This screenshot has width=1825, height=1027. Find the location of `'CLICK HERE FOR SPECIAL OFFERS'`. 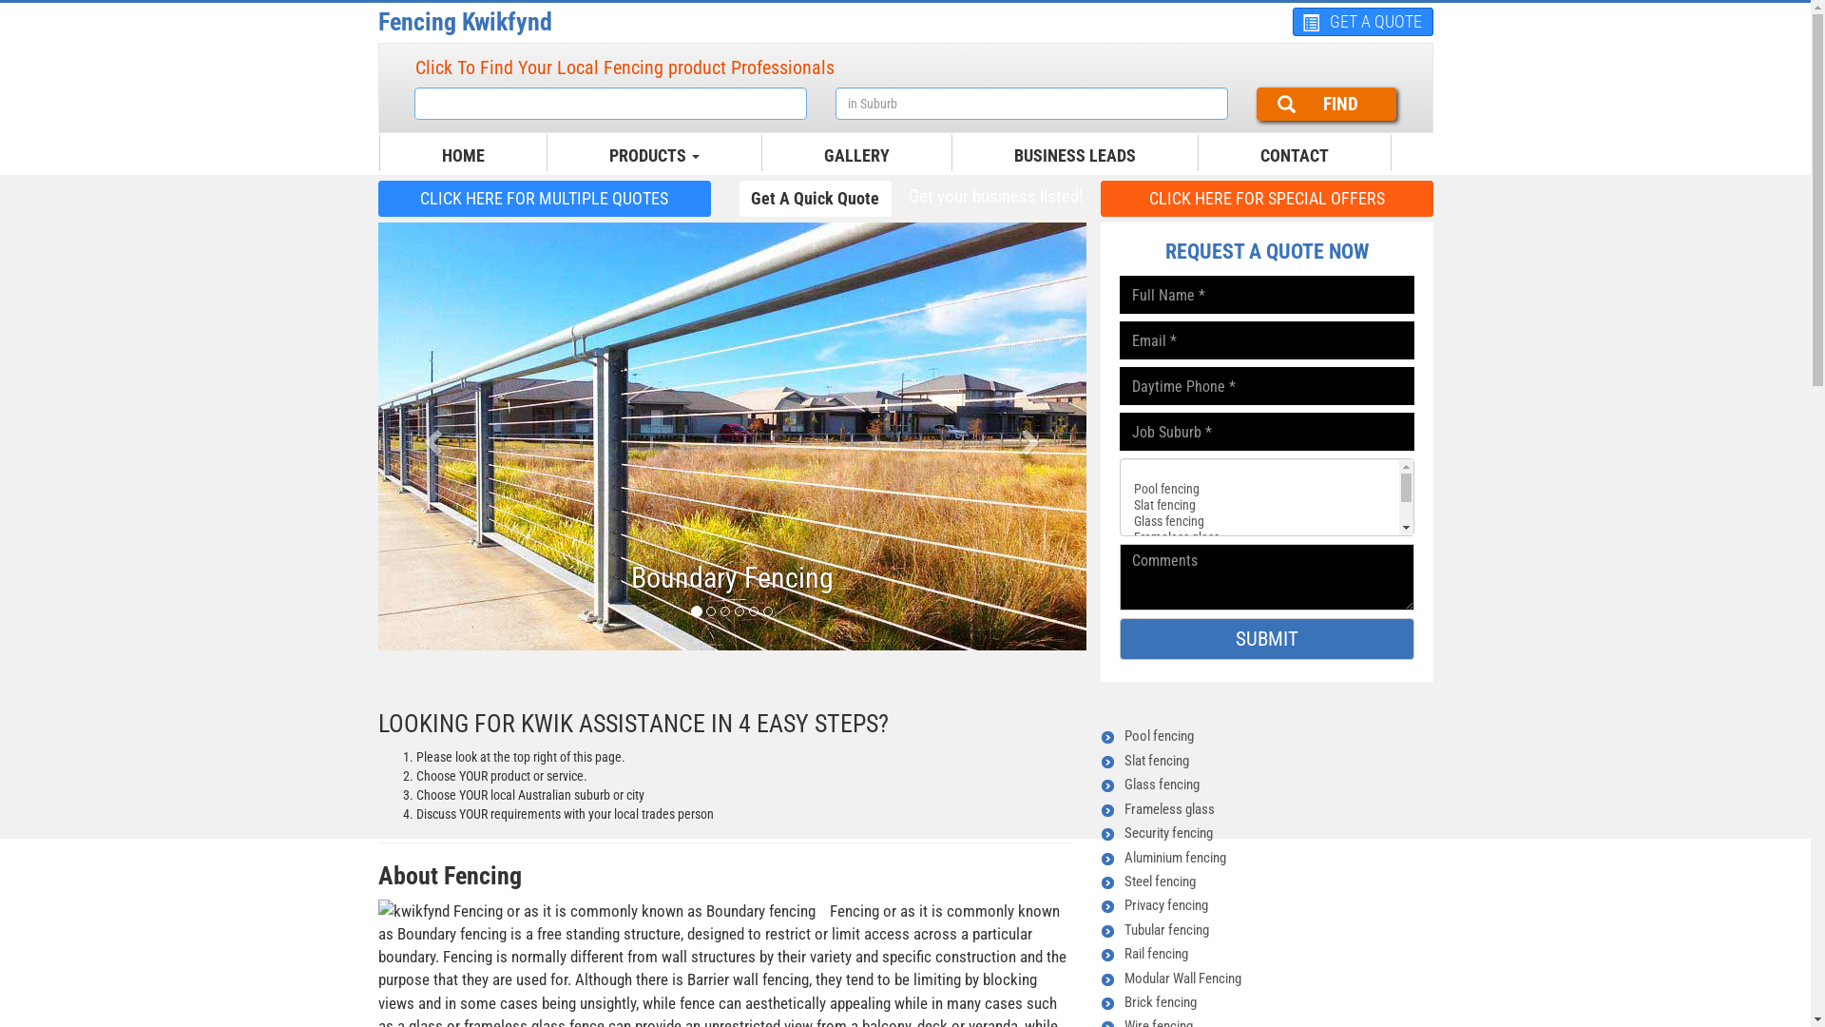

'CLICK HERE FOR SPECIAL OFFERS' is located at coordinates (1267, 198).